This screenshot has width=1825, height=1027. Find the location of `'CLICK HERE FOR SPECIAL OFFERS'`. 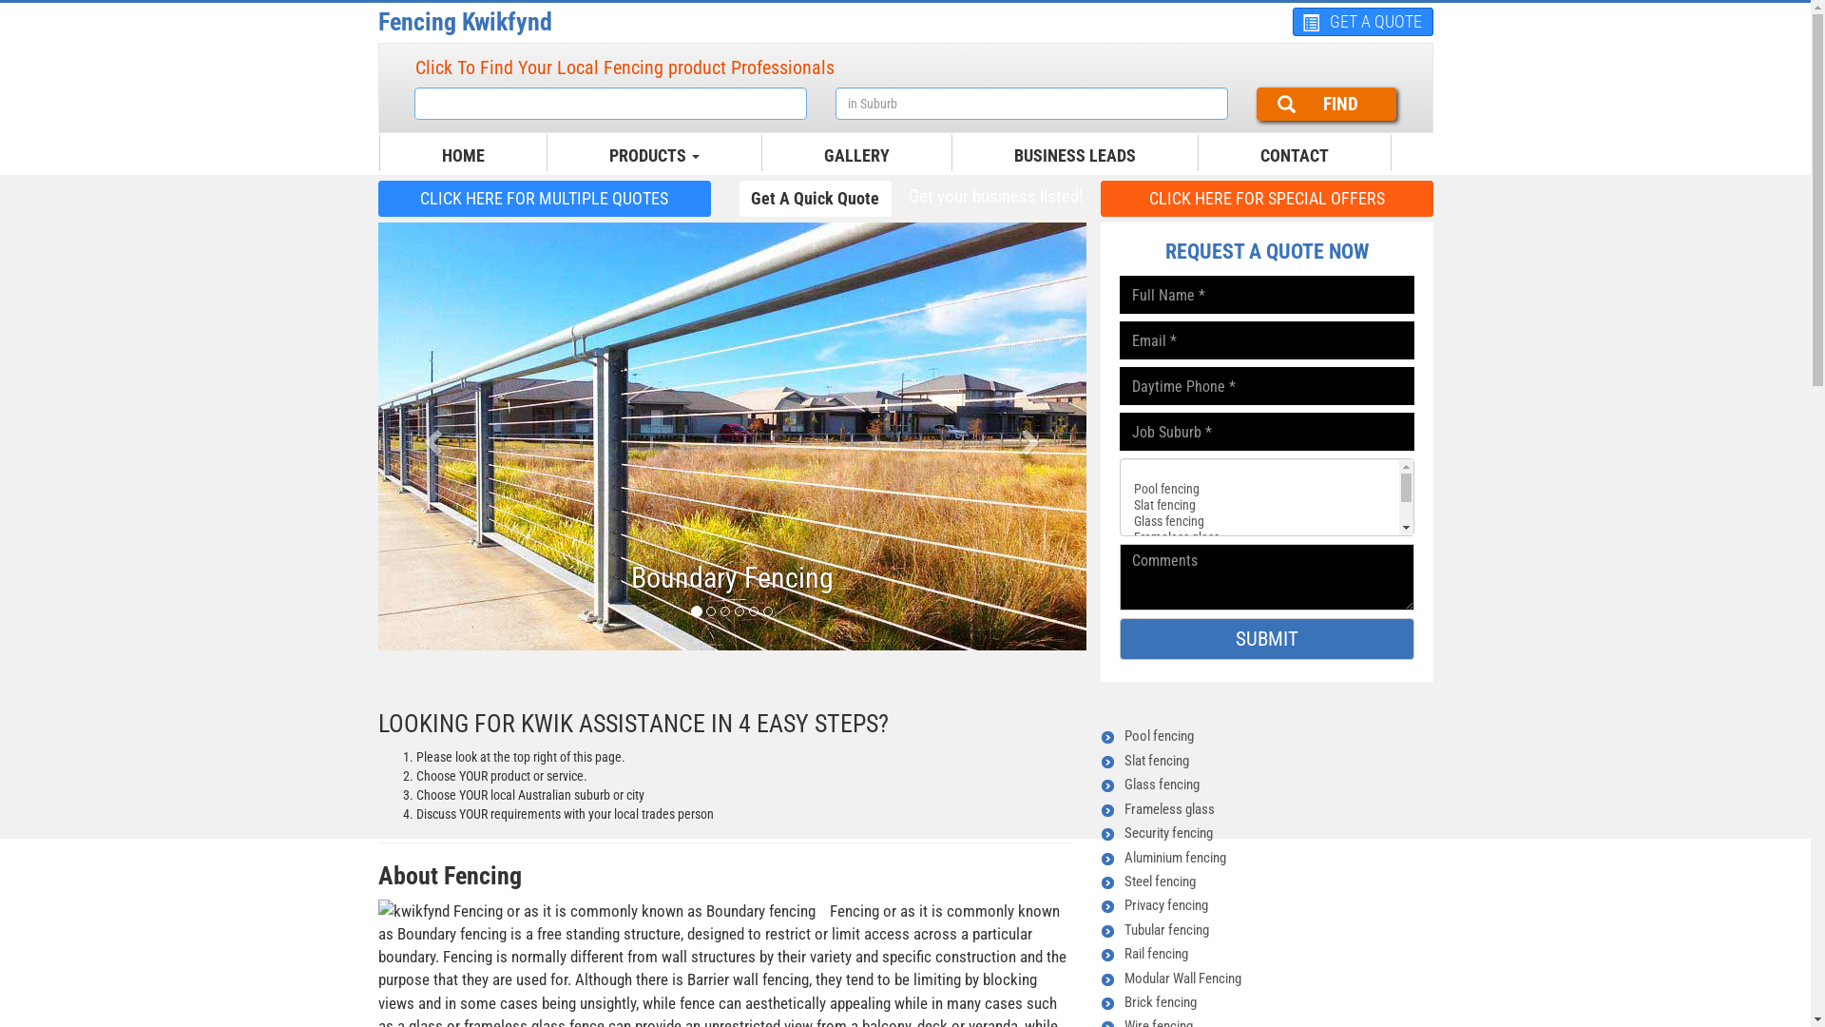

'CLICK HERE FOR SPECIAL OFFERS' is located at coordinates (1267, 198).